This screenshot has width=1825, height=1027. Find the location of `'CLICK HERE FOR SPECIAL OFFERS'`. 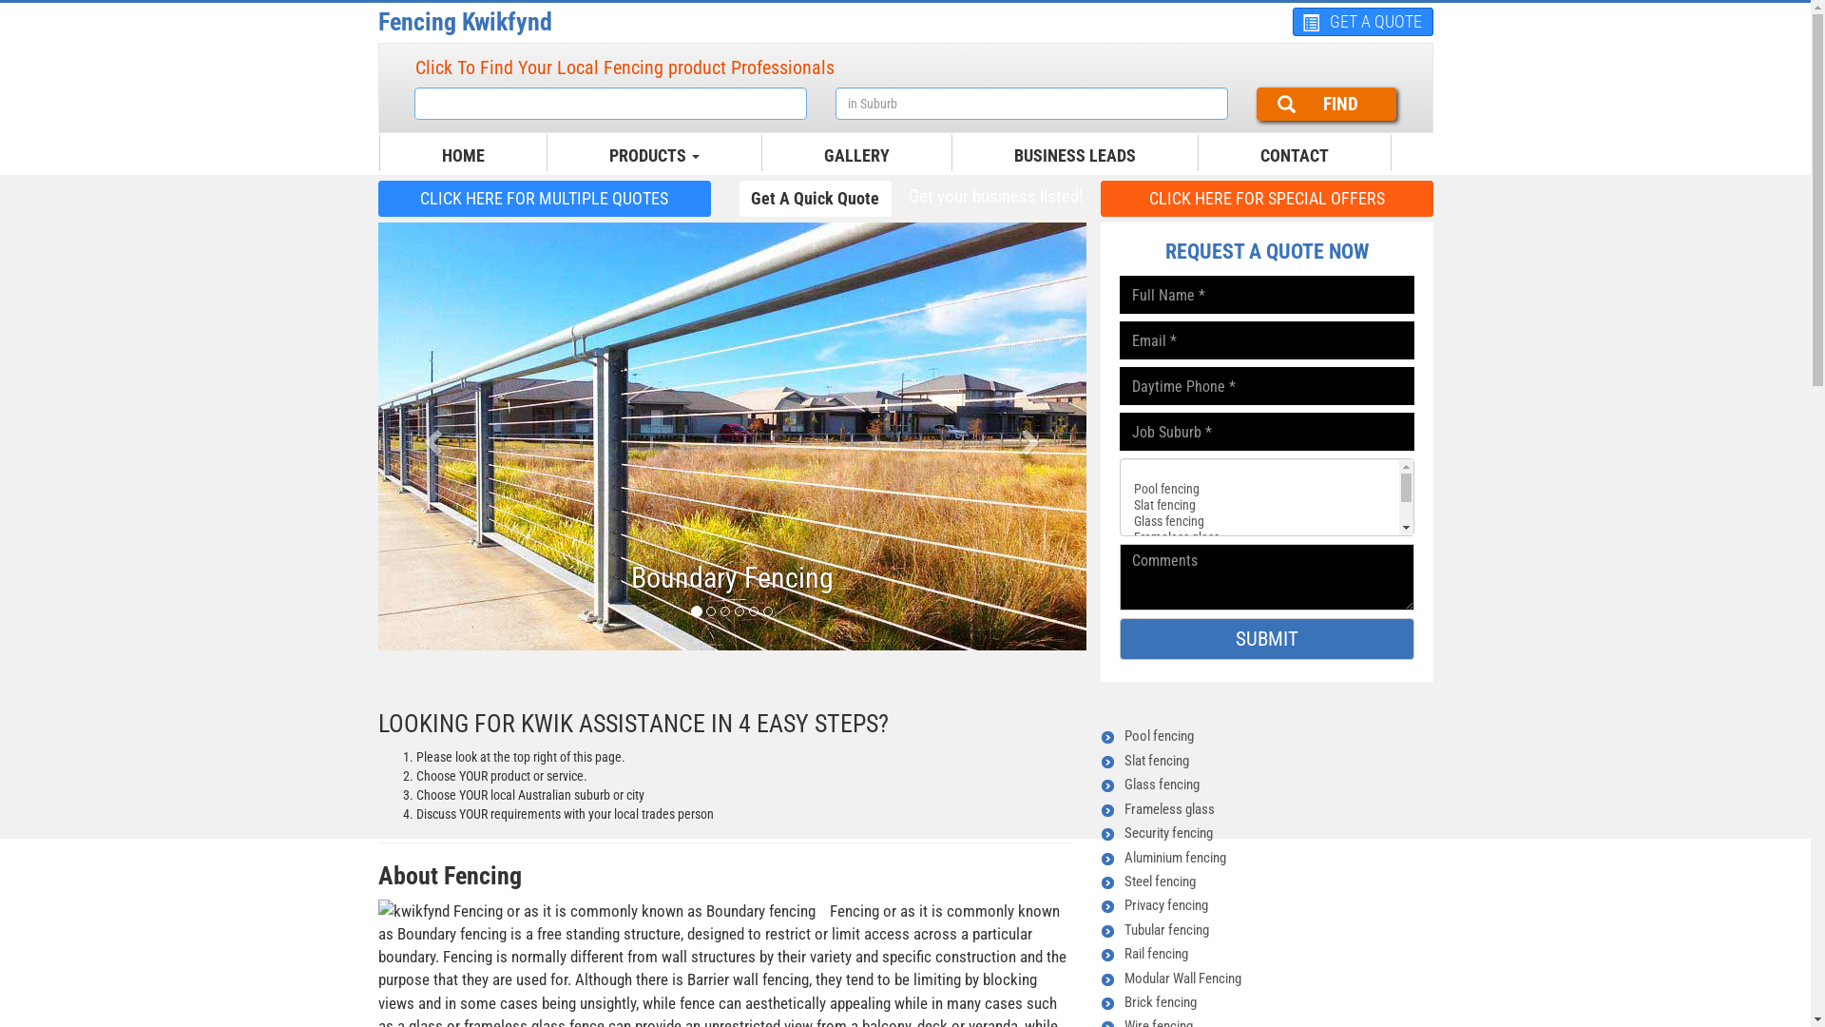

'CLICK HERE FOR SPECIAL OFFERS' is located at coordinates (1267, 198).